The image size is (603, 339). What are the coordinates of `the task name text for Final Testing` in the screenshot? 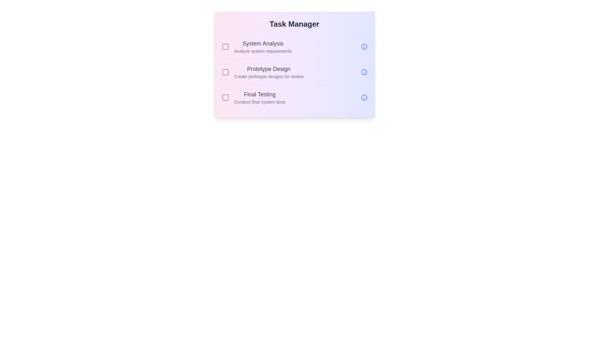 It's located at (260, 94).